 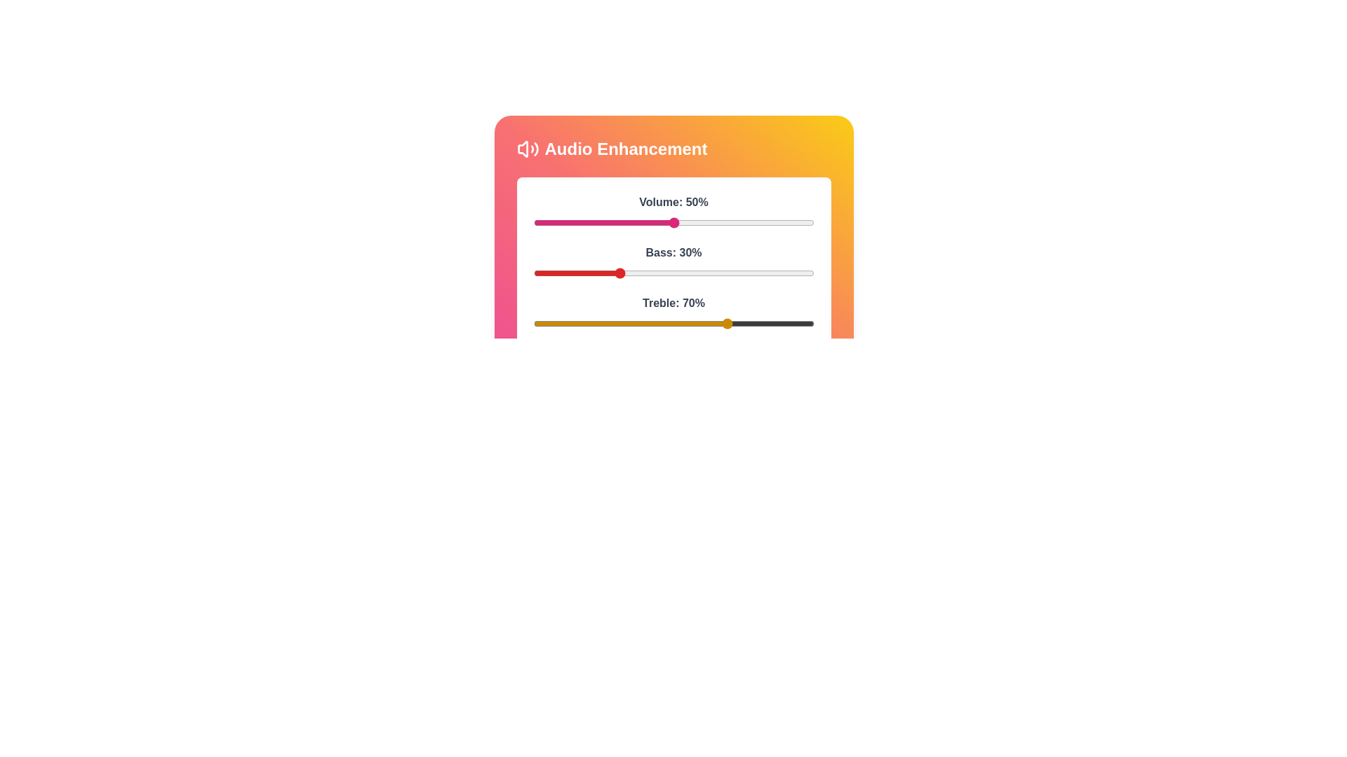 What do you see at coordinates (603, 273) in the screenshot?
I see `the bass level` at bounding box center [603, 273].